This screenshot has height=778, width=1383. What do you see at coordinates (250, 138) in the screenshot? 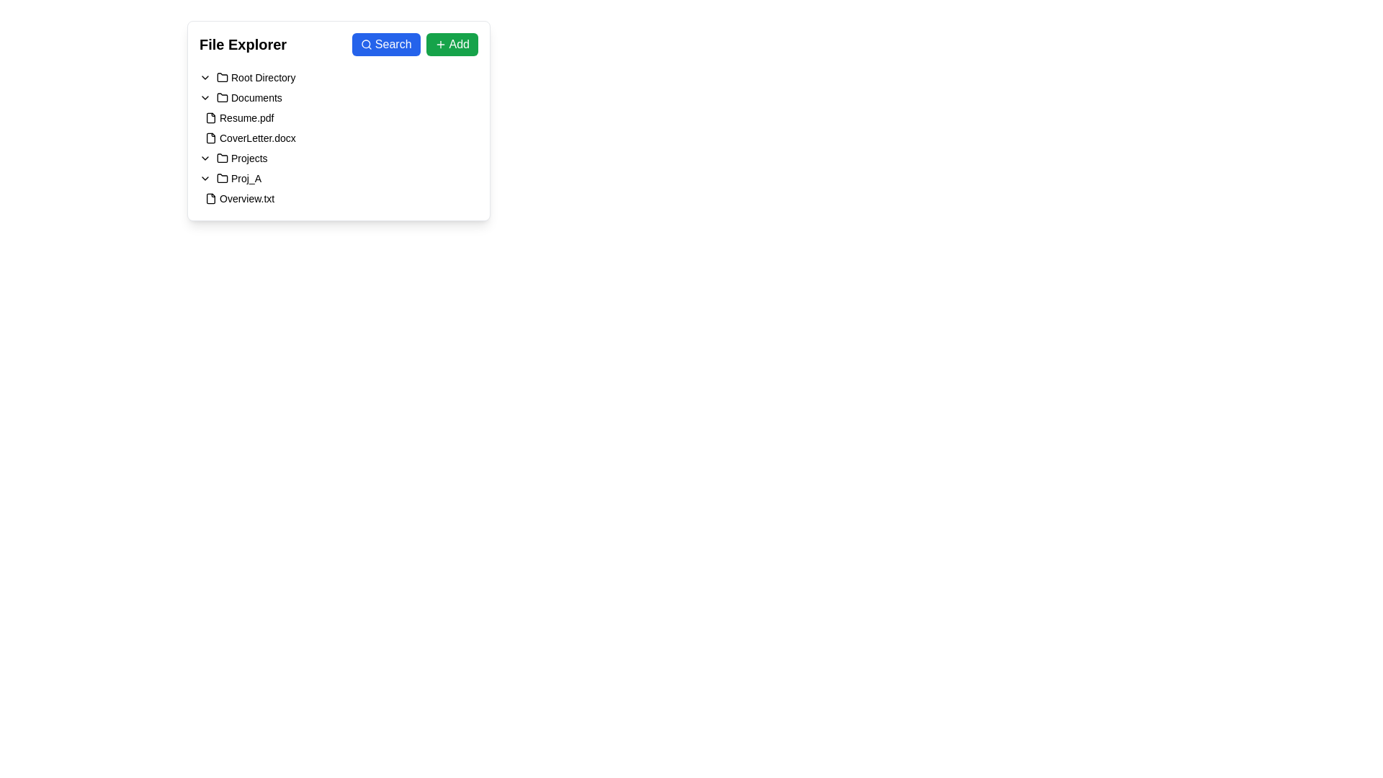
I see `on the 'CoverLetter.docx' file label with icon, which is the second item under the 'Documents' folder in the file explorer interface` at bounding box center [250, 138].